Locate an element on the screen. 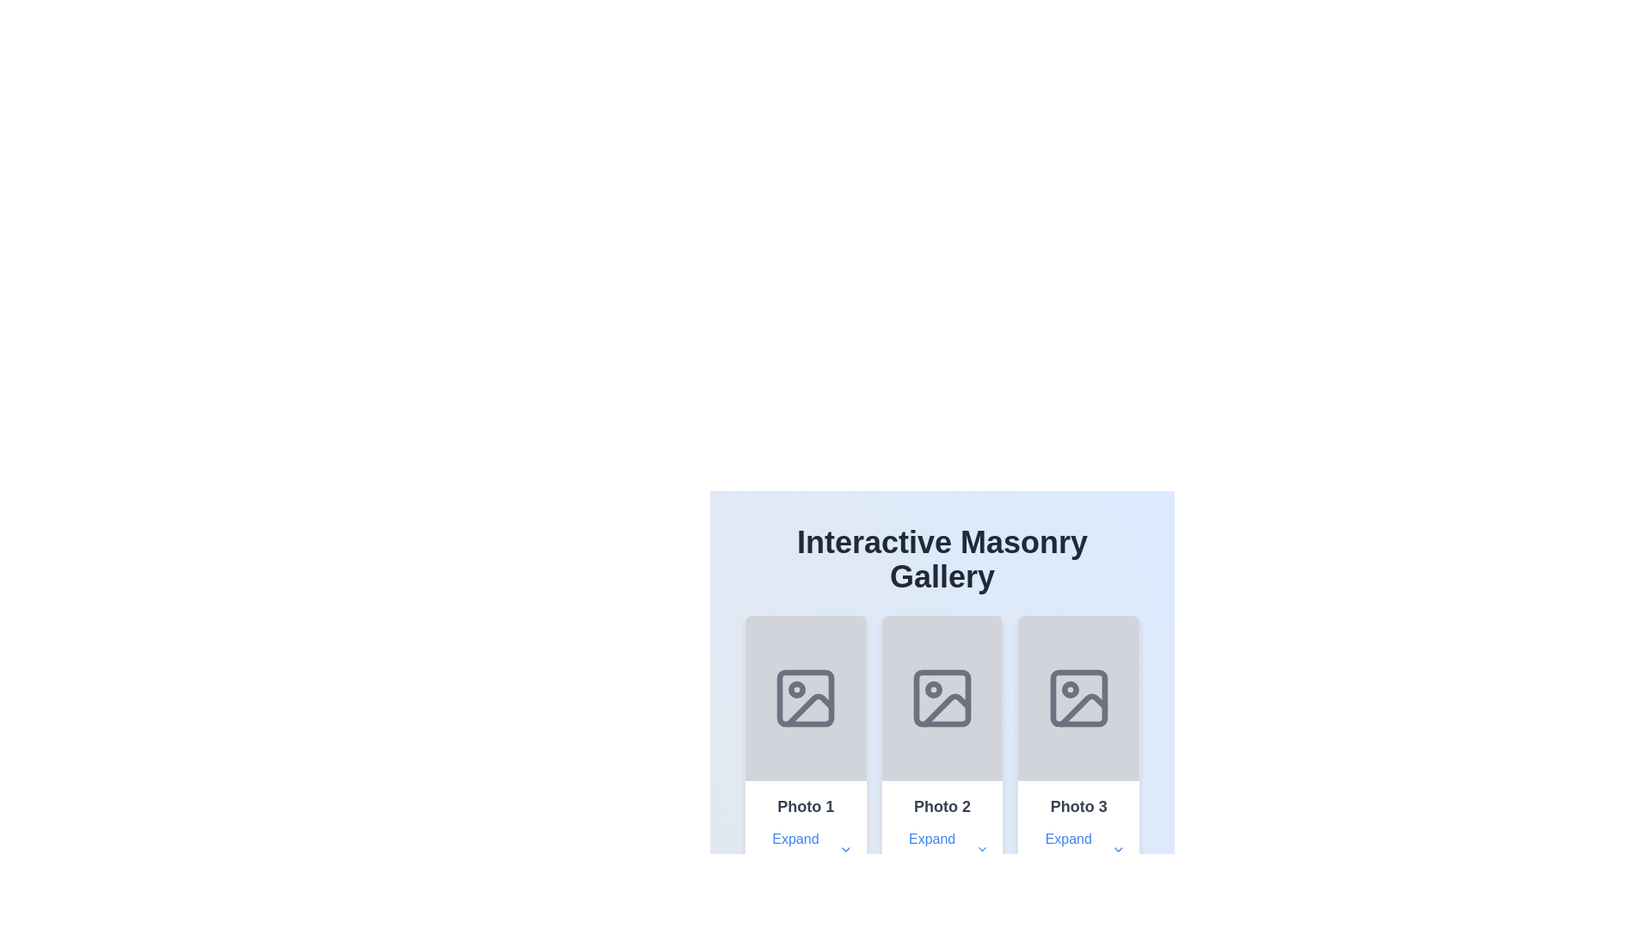 Image resolution: width=1651 pixels, height=929 pixels. the text label displaying 'Photo 1' in bold gray font, positioned above a blue 'Expand' link and located on the leftmost side of three horizontally aligned containers is located at coordinates (805, 806).